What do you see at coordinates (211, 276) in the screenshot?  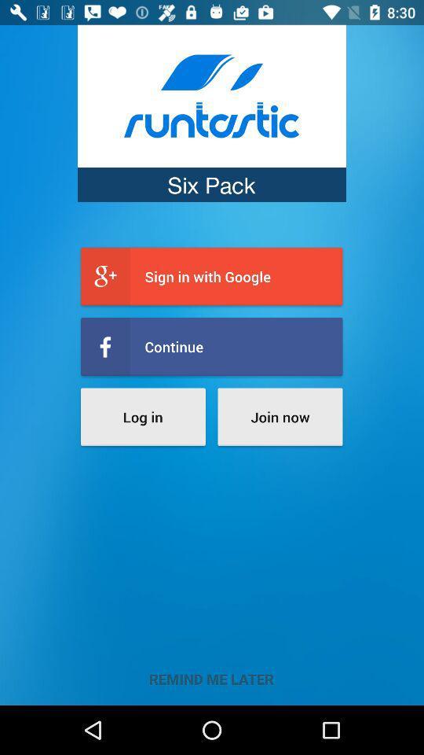 I see `icon above the continue item` at bounding box center [211, 276].